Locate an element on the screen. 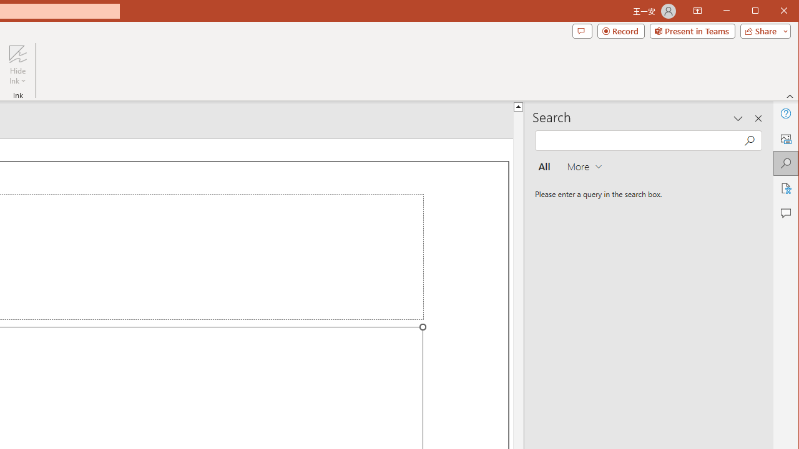  'Accessibility' is located at coordinates (785, 188).